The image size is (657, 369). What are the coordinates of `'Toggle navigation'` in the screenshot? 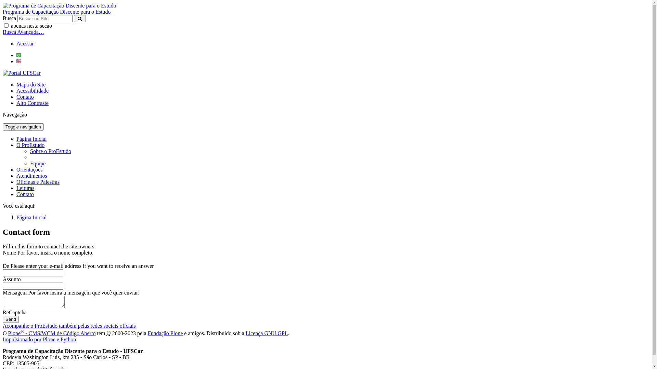 It's located at (23, 127).